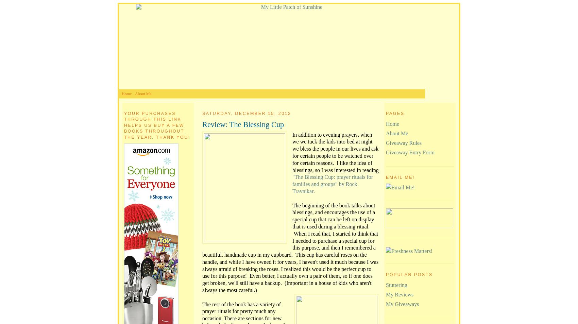  Describe the element at coordinates (402, 304) in the screenshot. I see `'My Giveaways'` at that location.